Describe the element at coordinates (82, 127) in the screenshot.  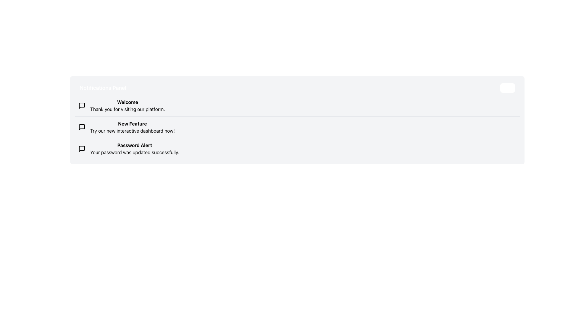
I see `the speech bubble icon rendered using SVG, located near the top-left of the notification panel, next to the 'New Feature' notification` at that location.